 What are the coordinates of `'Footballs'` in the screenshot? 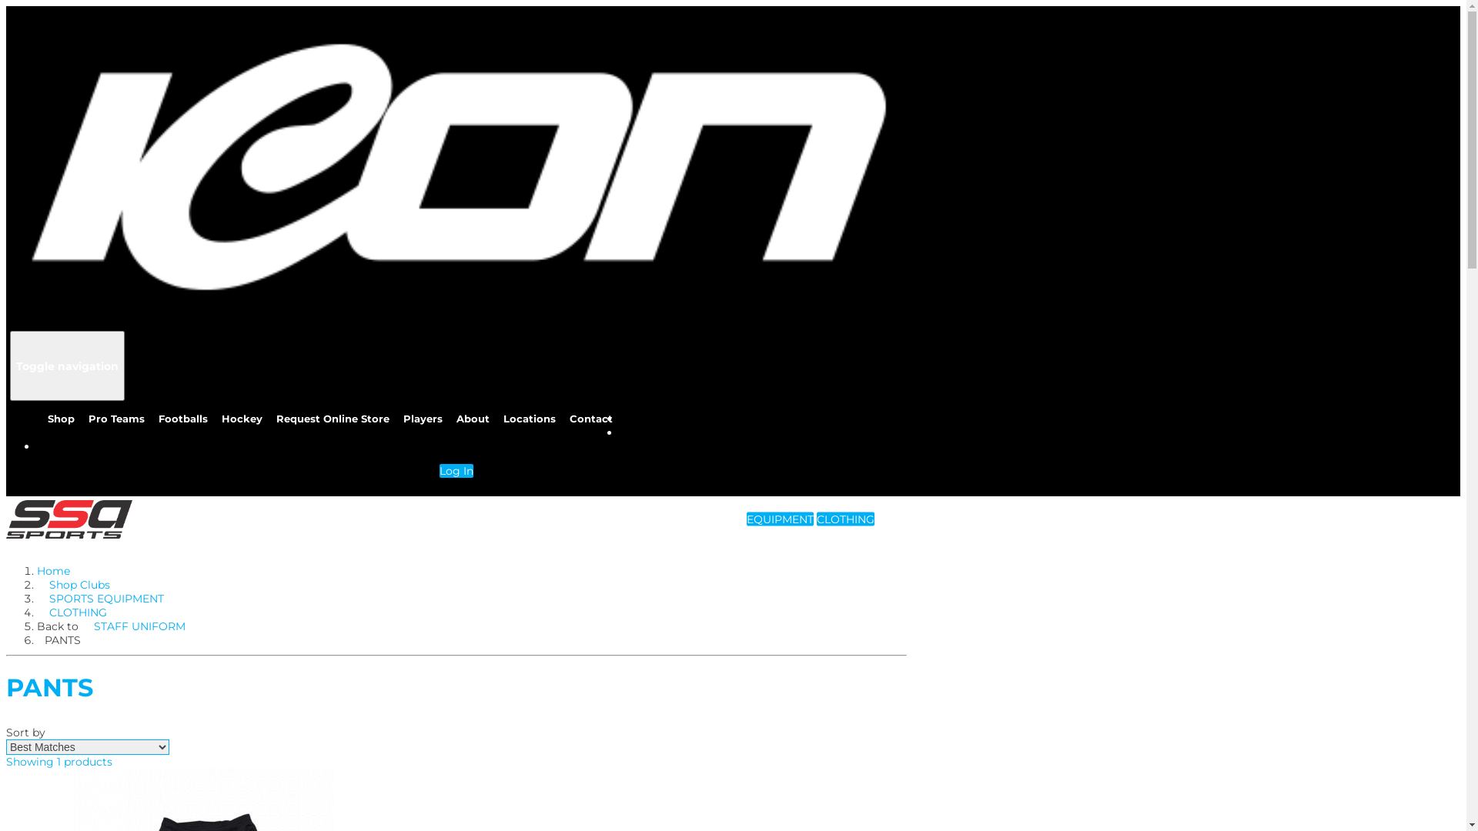 It's located at (151, 420).